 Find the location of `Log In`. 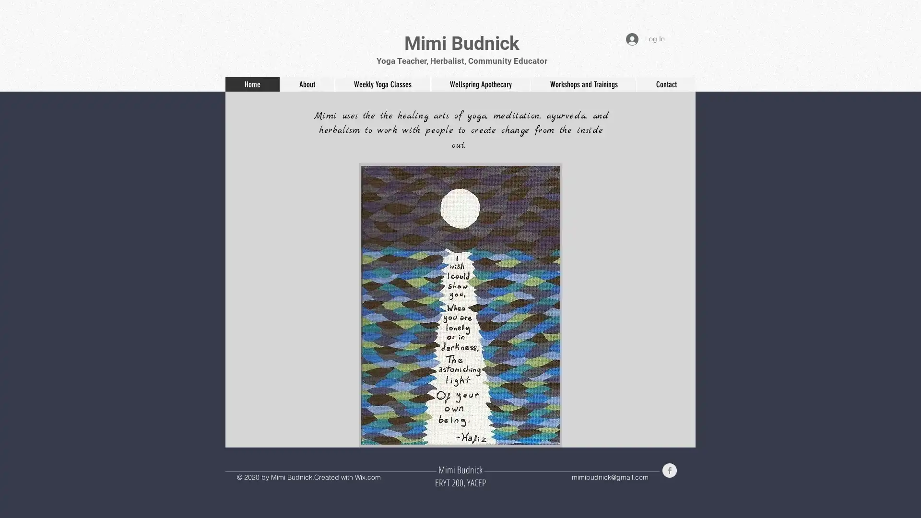

Log In is located at coordinates (645, 38).